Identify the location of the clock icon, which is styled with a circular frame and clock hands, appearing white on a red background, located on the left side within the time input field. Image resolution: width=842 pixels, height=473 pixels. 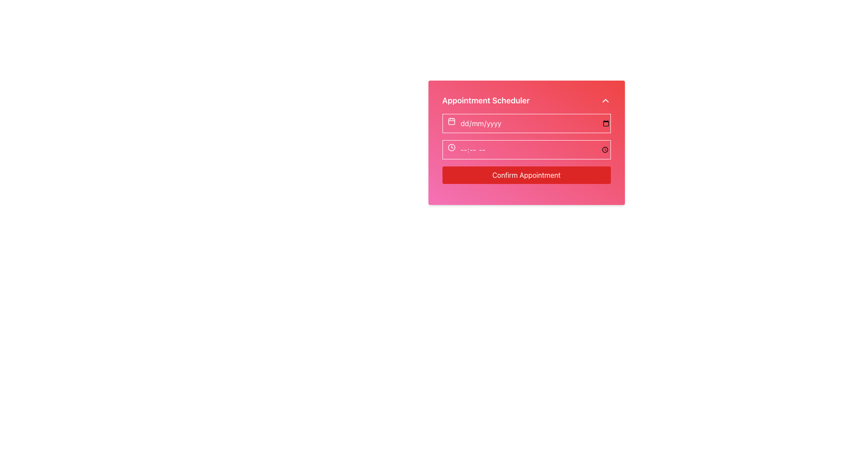
(451, 147).